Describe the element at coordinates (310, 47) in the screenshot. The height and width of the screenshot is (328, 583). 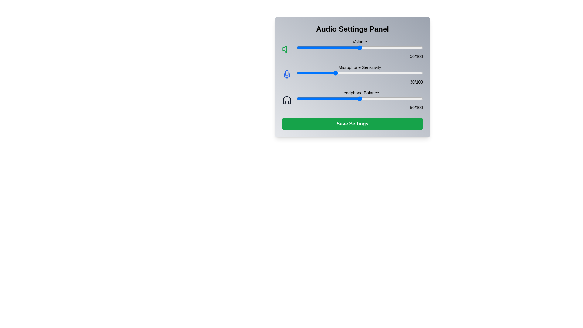
I see `volume` at that location.